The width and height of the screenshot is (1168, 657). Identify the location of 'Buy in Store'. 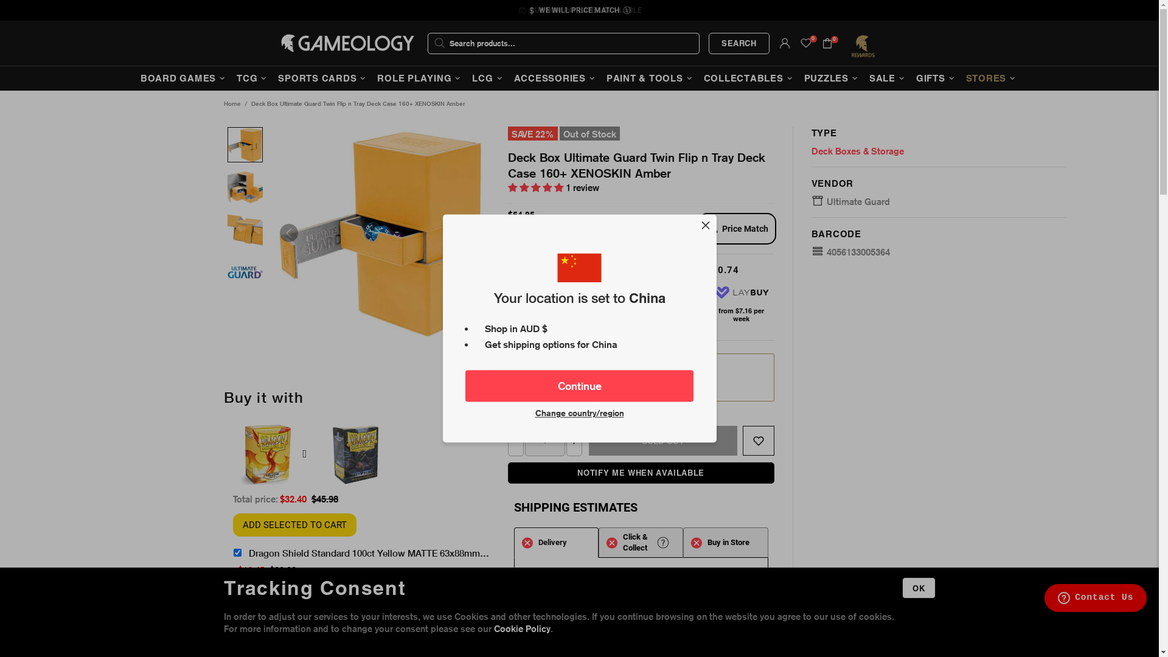
(725, 541).